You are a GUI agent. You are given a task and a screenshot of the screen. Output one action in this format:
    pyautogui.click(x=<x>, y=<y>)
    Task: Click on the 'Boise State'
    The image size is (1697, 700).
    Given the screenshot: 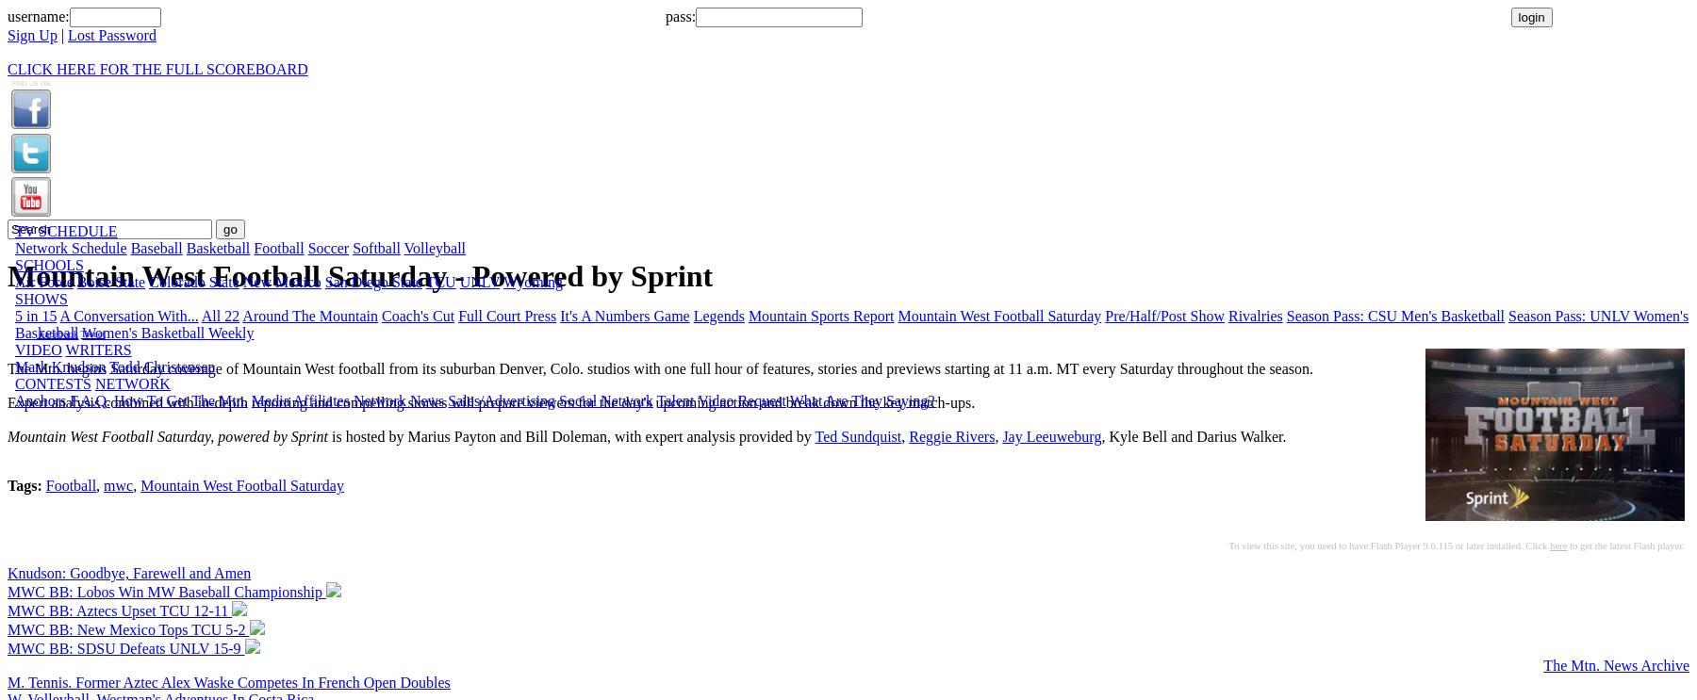 What is the action you would take?
    pyautogui.click(x=110, y=282)
    